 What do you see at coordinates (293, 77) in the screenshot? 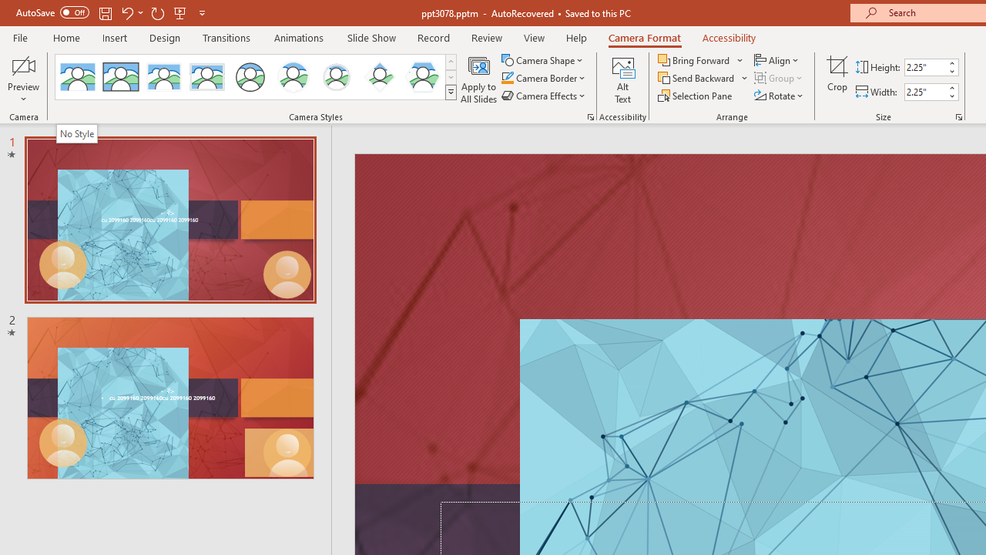
I see `'Center Shadow Circle'` at bounding box center [293, 77].